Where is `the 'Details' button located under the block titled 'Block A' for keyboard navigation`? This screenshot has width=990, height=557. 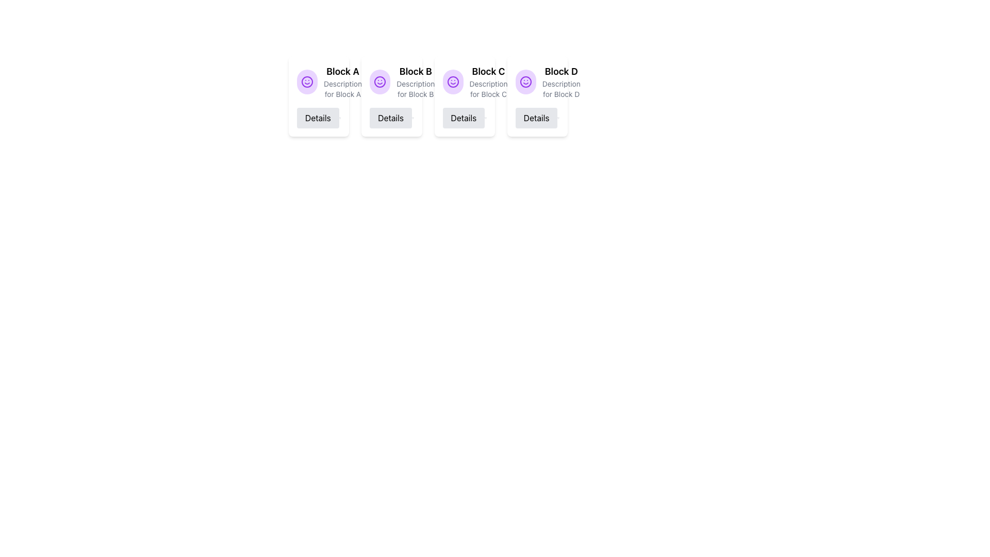
the 'Details' button located under the block titled 'Block A' for keyboard navigation is located at coordinates (317, 117).